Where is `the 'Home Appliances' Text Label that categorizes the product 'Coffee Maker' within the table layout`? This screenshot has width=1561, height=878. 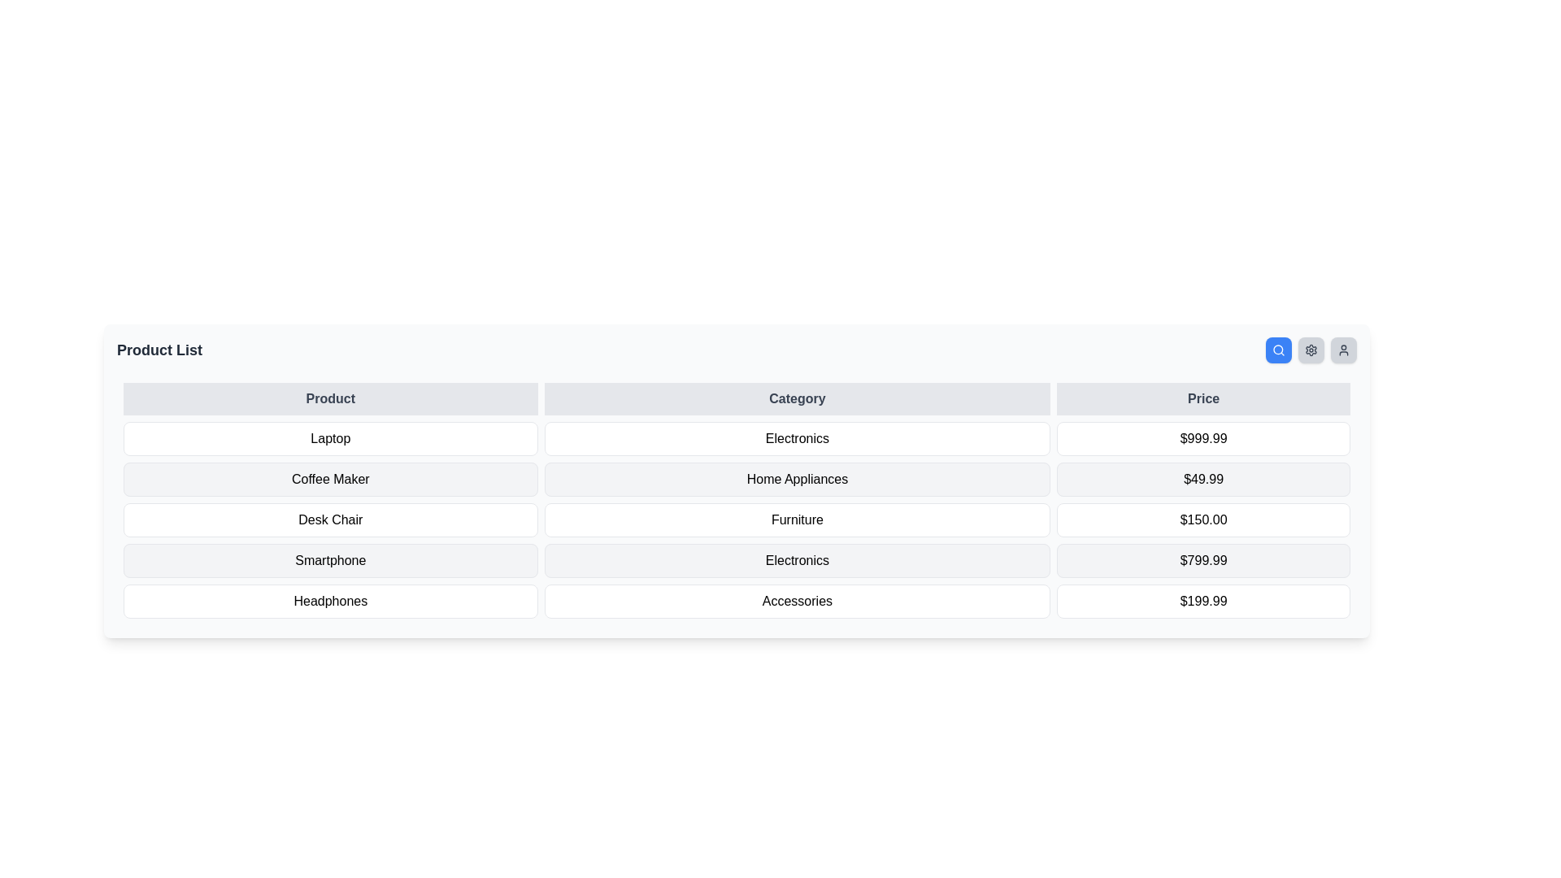 the 'Home Appliances' Text Label that categorizes the product 'Coffee Maker' within the table layout is located at coordinates (797, 479).